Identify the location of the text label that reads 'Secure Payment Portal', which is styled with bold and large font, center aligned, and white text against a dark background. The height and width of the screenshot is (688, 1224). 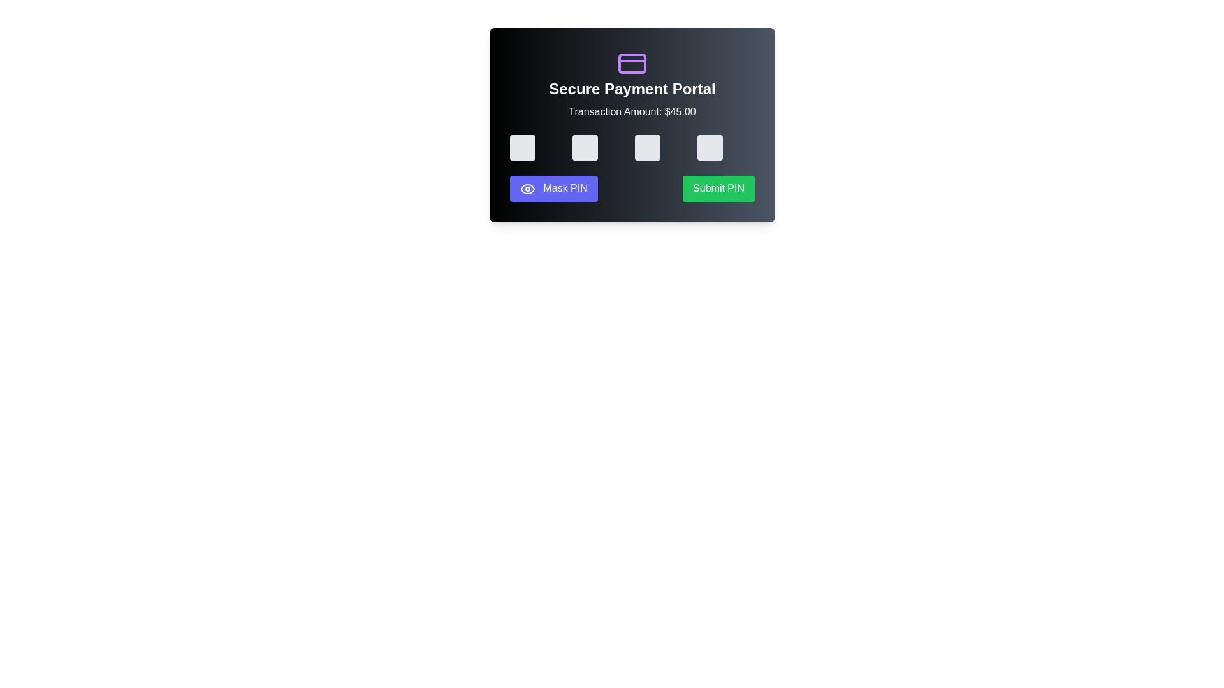
(632, 88).